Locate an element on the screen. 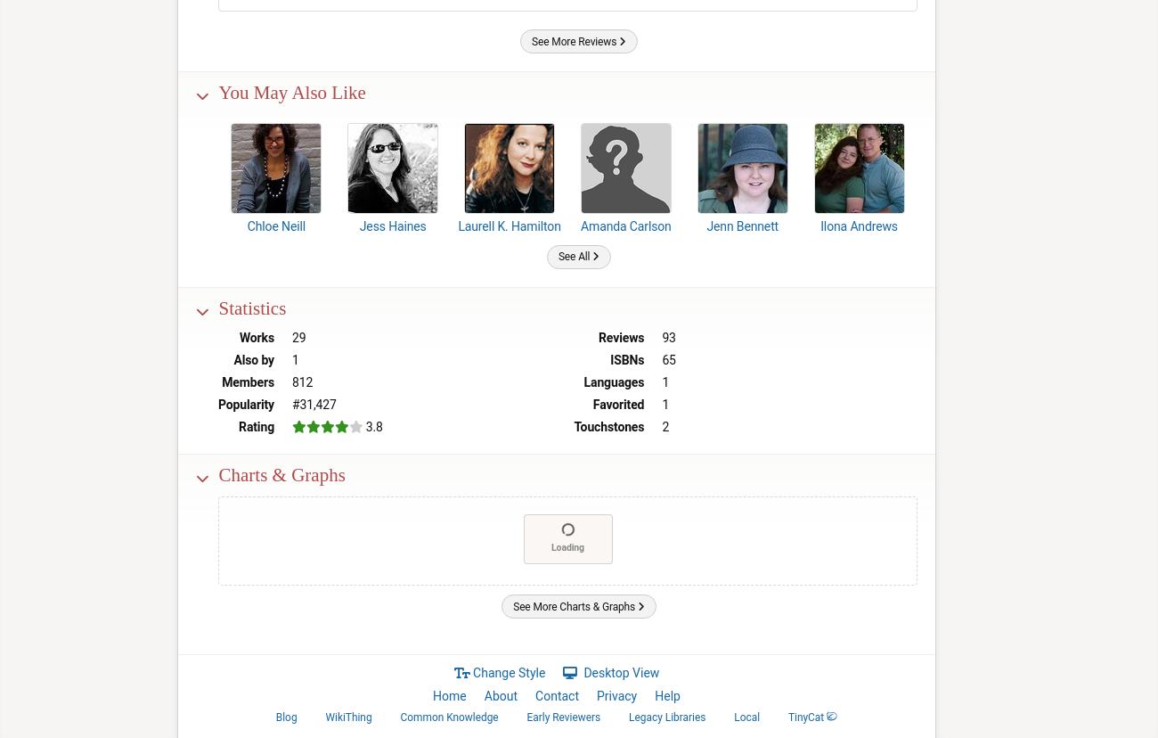  'Works' is located at coordinates (256, 337).